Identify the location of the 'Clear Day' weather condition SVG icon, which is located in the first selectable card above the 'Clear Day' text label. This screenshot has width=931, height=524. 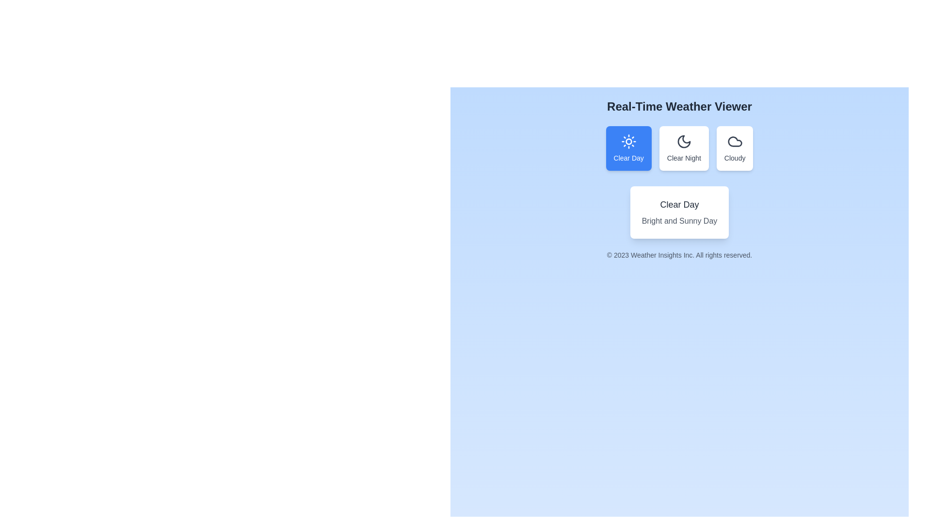
(628, 142).